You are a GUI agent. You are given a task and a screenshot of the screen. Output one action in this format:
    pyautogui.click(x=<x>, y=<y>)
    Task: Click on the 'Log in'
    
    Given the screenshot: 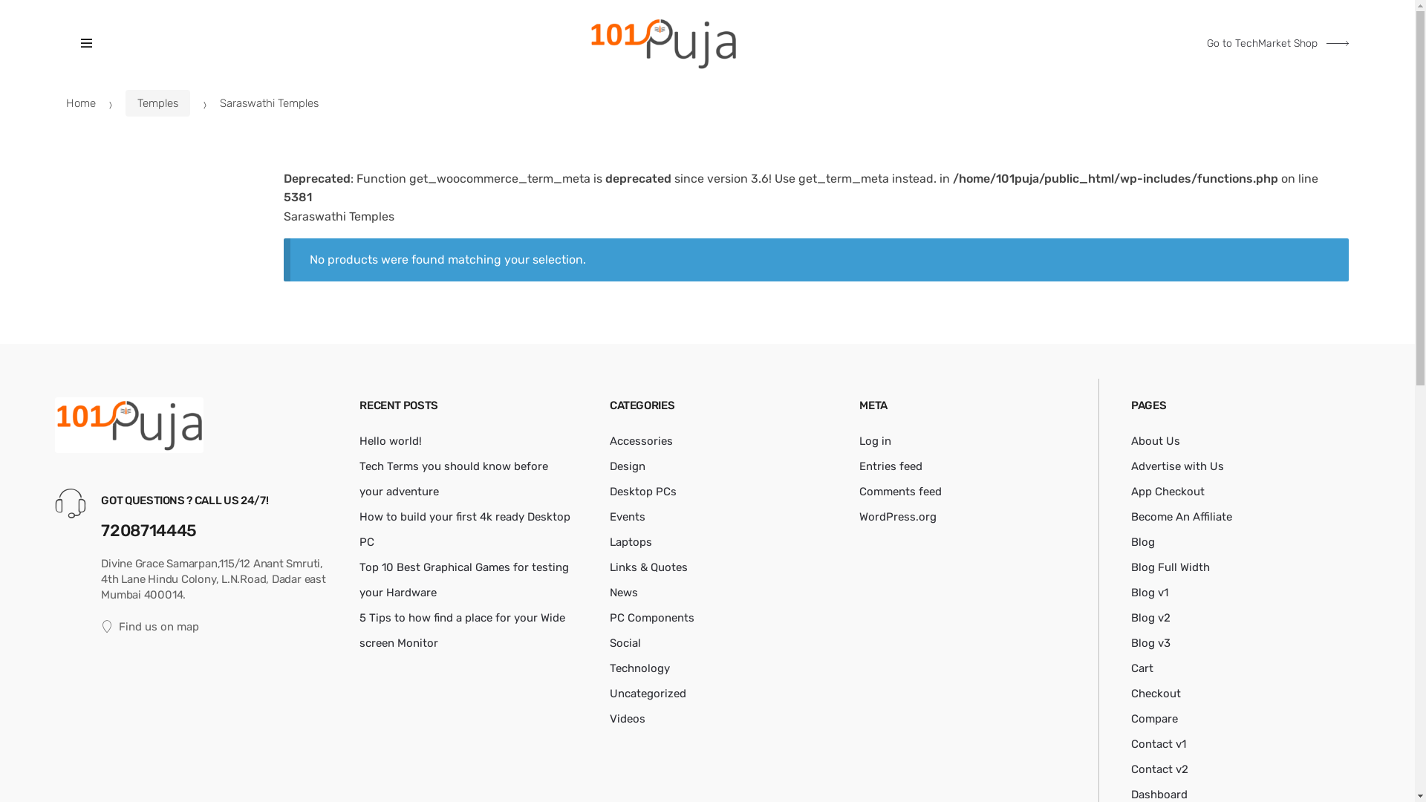 What is the action you would take?
    pyautogui.click(x=875, y=440)
    